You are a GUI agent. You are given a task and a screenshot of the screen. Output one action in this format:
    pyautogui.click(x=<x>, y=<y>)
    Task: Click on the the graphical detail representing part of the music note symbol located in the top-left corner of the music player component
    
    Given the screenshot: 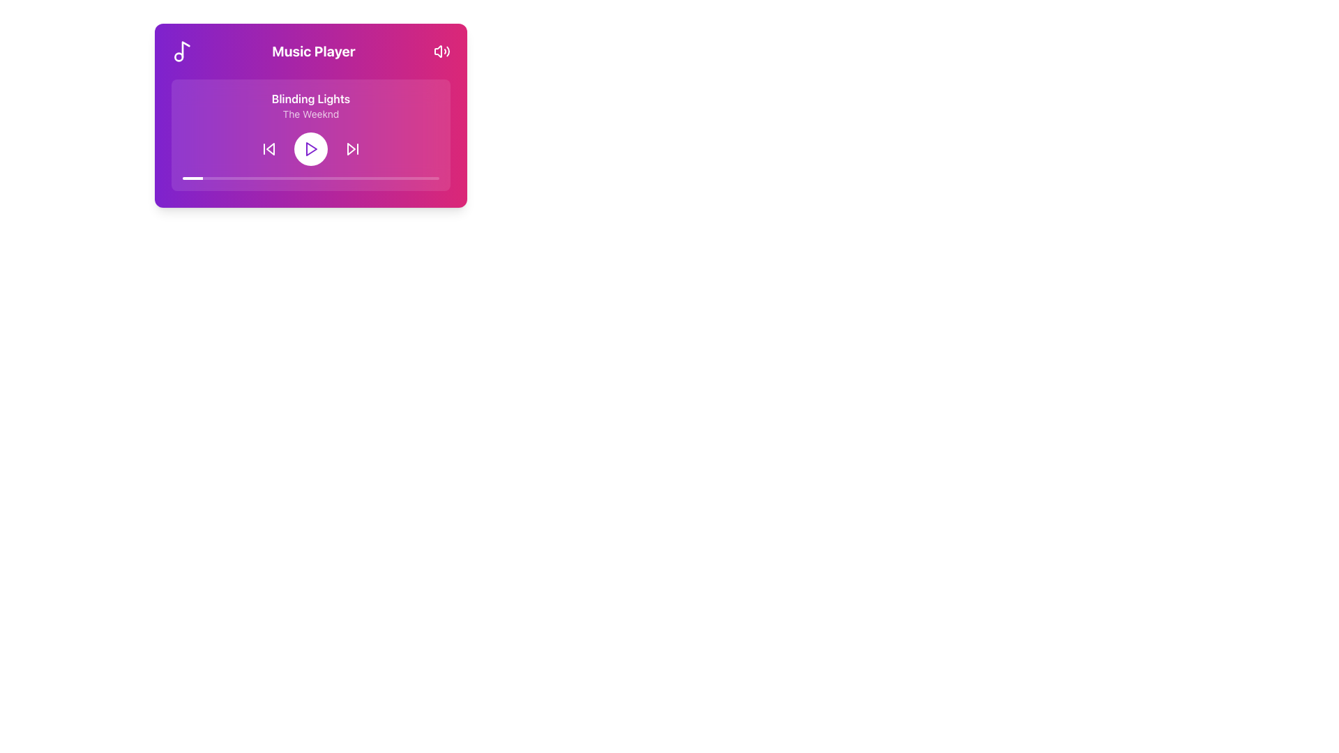 What is the action you would take?
    pyautogui.click(x=178, y=56)
    